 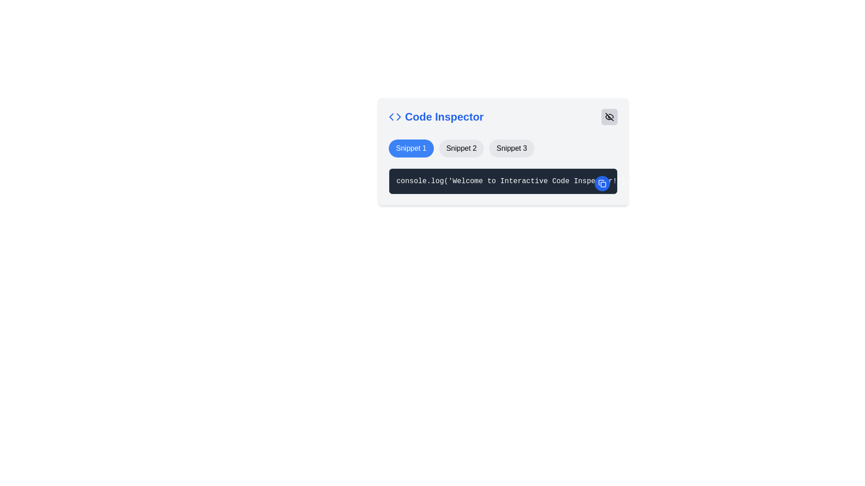 I want to click on the visibility toggle button located to the far right of the 'Code Inspector' text and the snippet buttons, so click(x=610, y=116).